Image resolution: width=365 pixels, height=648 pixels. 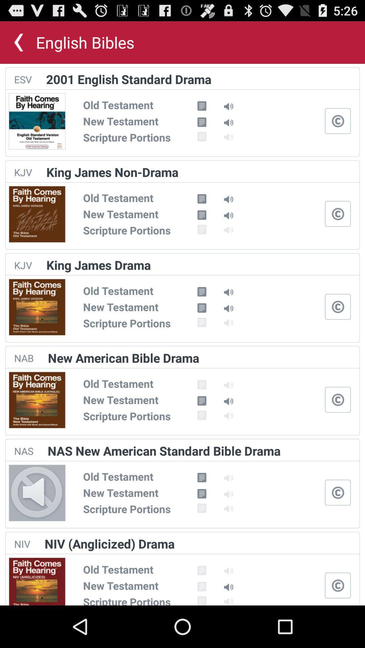 What do you see at coordinates (23, 357) in the screenshot?
I see `nab icon` at bounding box center [23, 357].